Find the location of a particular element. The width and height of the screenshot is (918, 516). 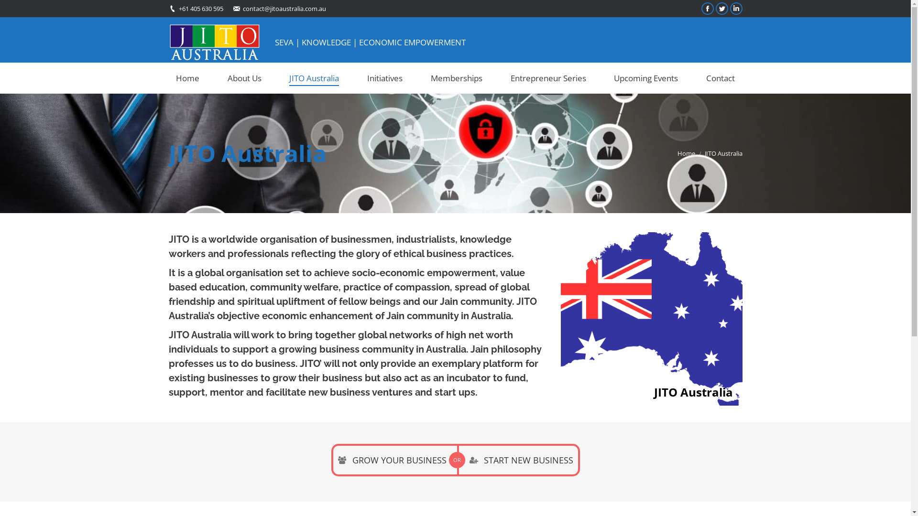

'Contact' is located at coordinates (699, 77).